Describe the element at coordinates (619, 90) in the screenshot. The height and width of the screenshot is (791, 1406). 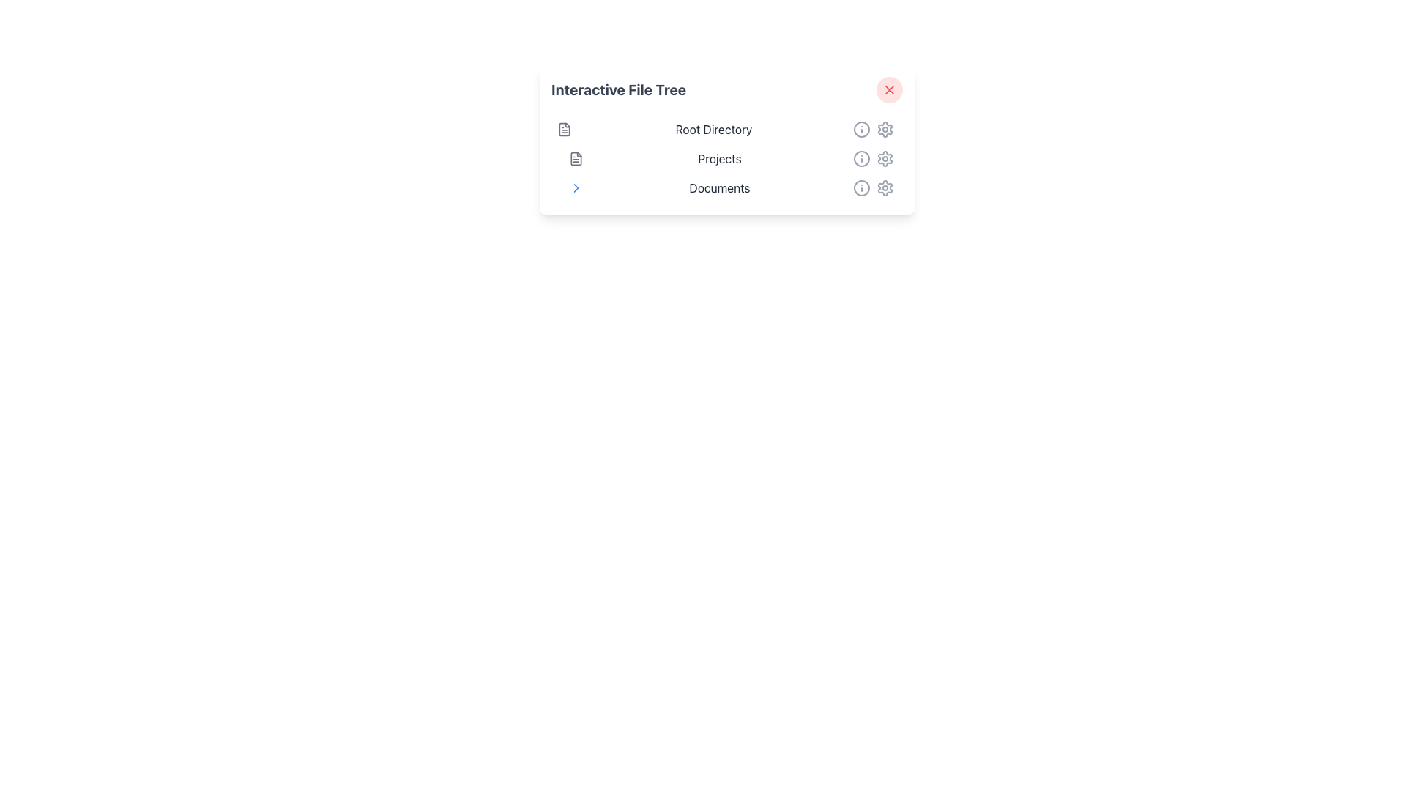
I see `the 'Interactive File Tree' text label, which is styled in bold gray font and located at the top left of a card-like component in the file tree interface` at that location.